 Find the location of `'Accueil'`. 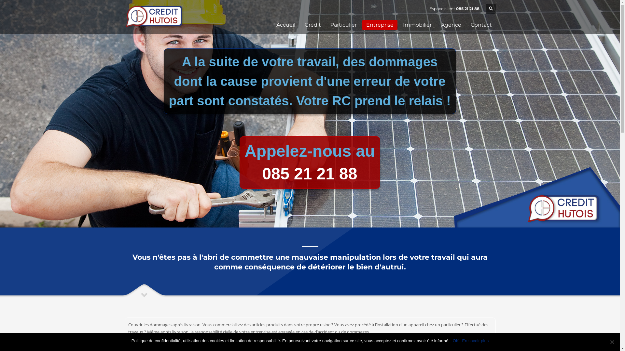

'Accueil' is located at coordinates (285, 25).